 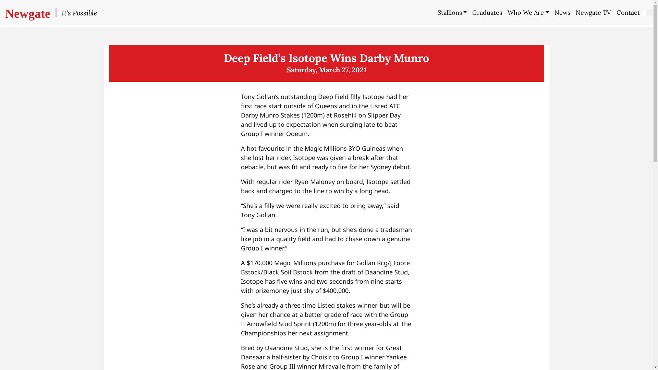 What do you see at coordinates (528, 12) in the screenshot?
I see `'Who We Are'` at bounding box center [528, 12].